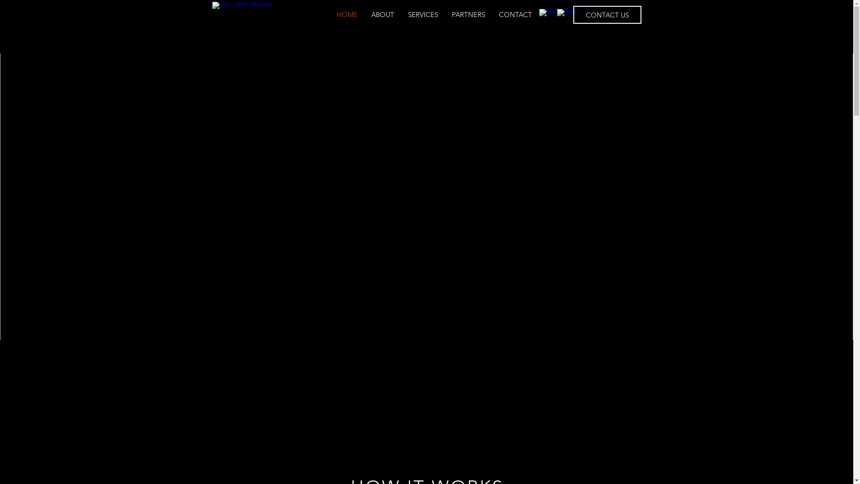  I want to click on 'ABOUT', so click(383, 15).